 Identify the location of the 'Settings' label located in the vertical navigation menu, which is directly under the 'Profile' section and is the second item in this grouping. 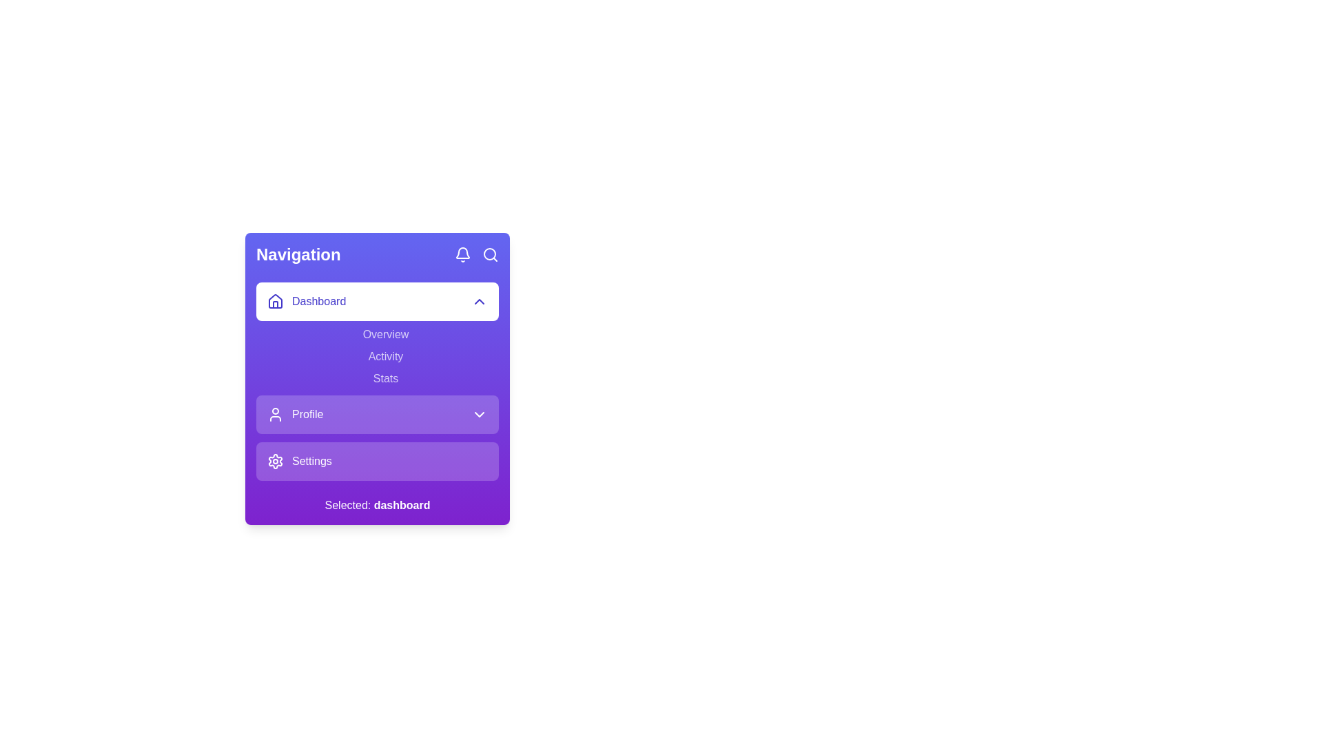
(311, 462).